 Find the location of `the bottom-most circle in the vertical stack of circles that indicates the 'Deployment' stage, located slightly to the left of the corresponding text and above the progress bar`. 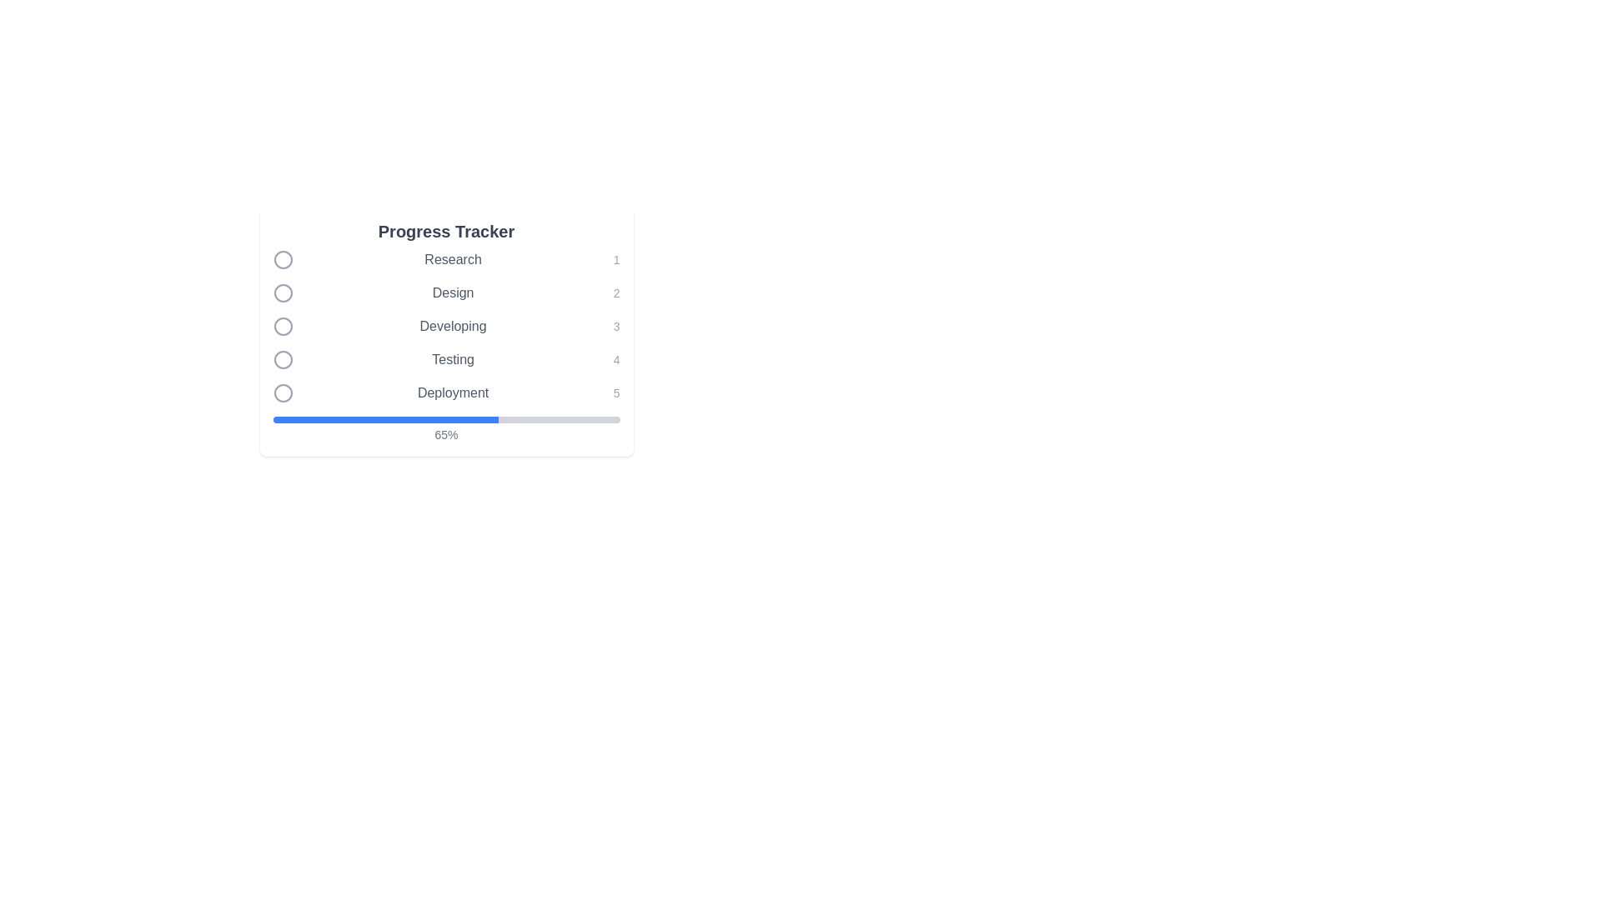

the bottom-most circle in the vertical stack of circles that indicates the 'Deployment' stage, located slightly to the left of the corresponding text and above the progress bar is located at coordinates (283, 392).